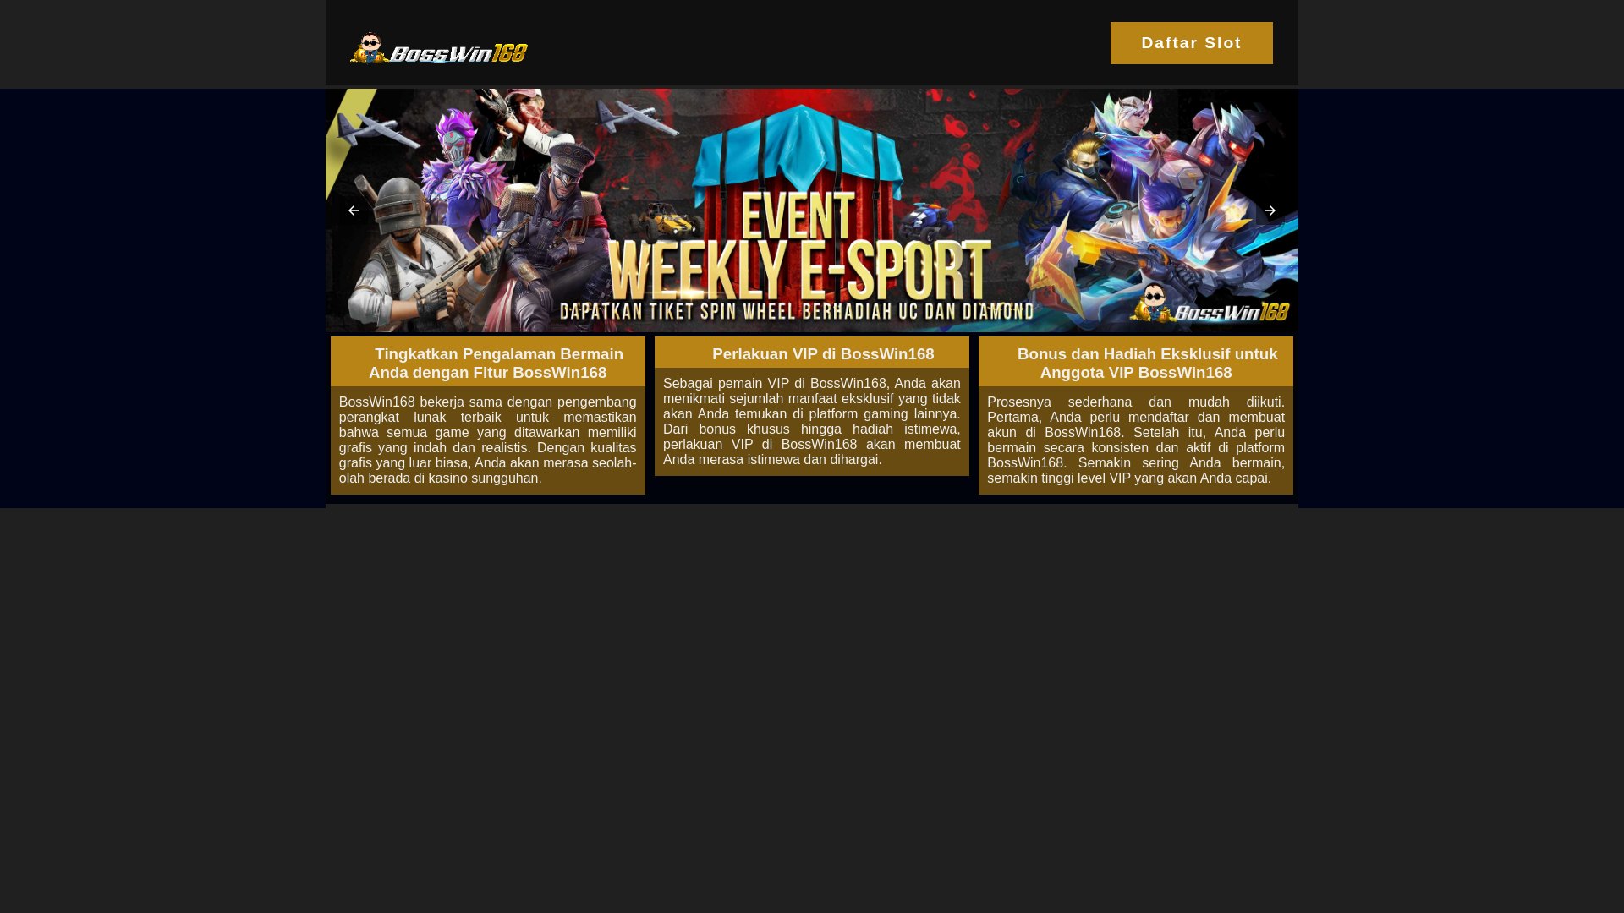 This screenshot has height=913, width=1624. Describe the element at coordinates (1191, 41) in the screenshot. I see `'Daftar Slot'` at that location.